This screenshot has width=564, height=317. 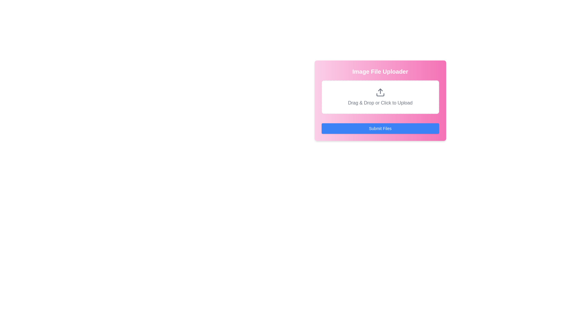 I want to click on the submission button located below the 'Drag & Drop or Click to Upload' label, so click(x=380, y=128).